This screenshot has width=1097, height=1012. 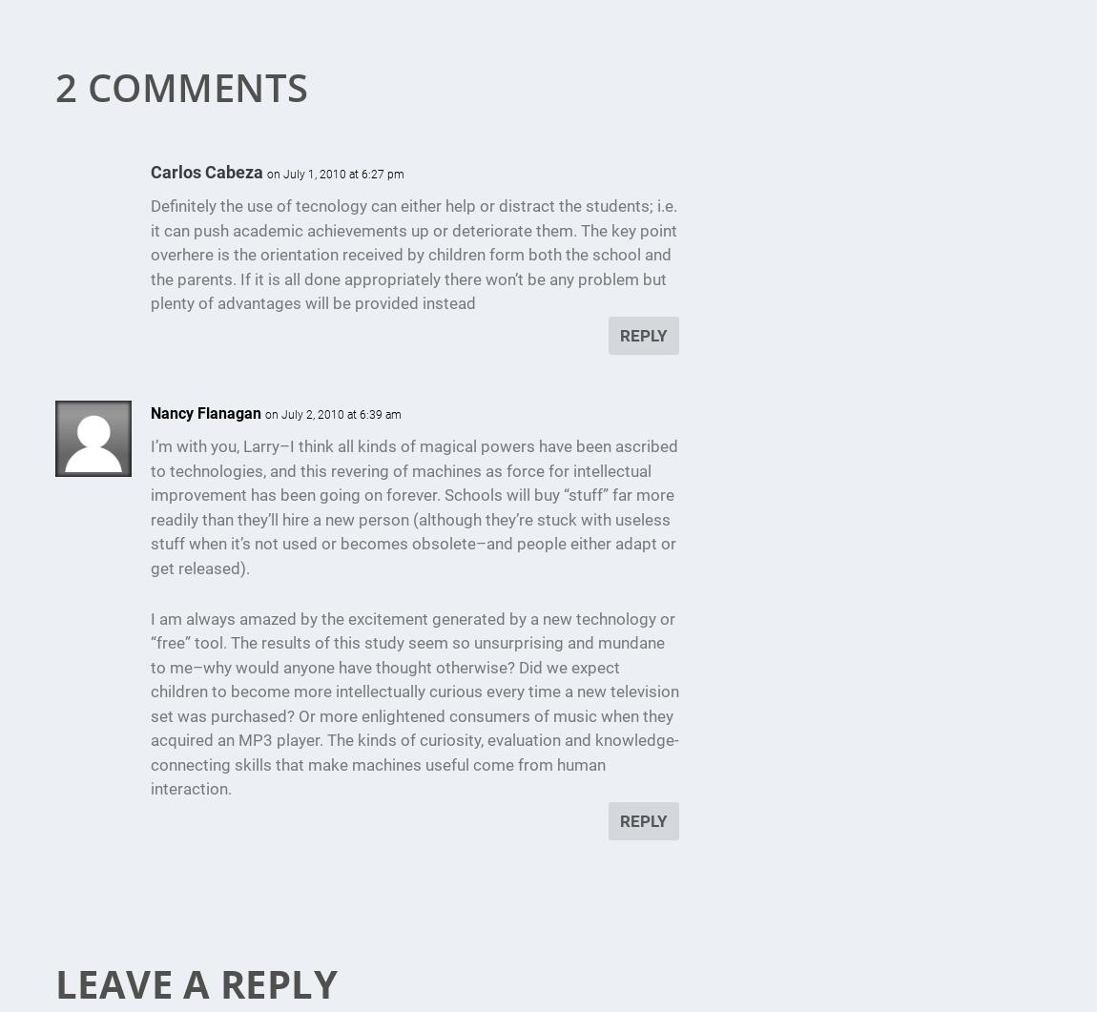 What do you see at coordinates (204, 413) in the screenshot?
I see `'Nancy Flanagan'` at bounding box center [204, 413].